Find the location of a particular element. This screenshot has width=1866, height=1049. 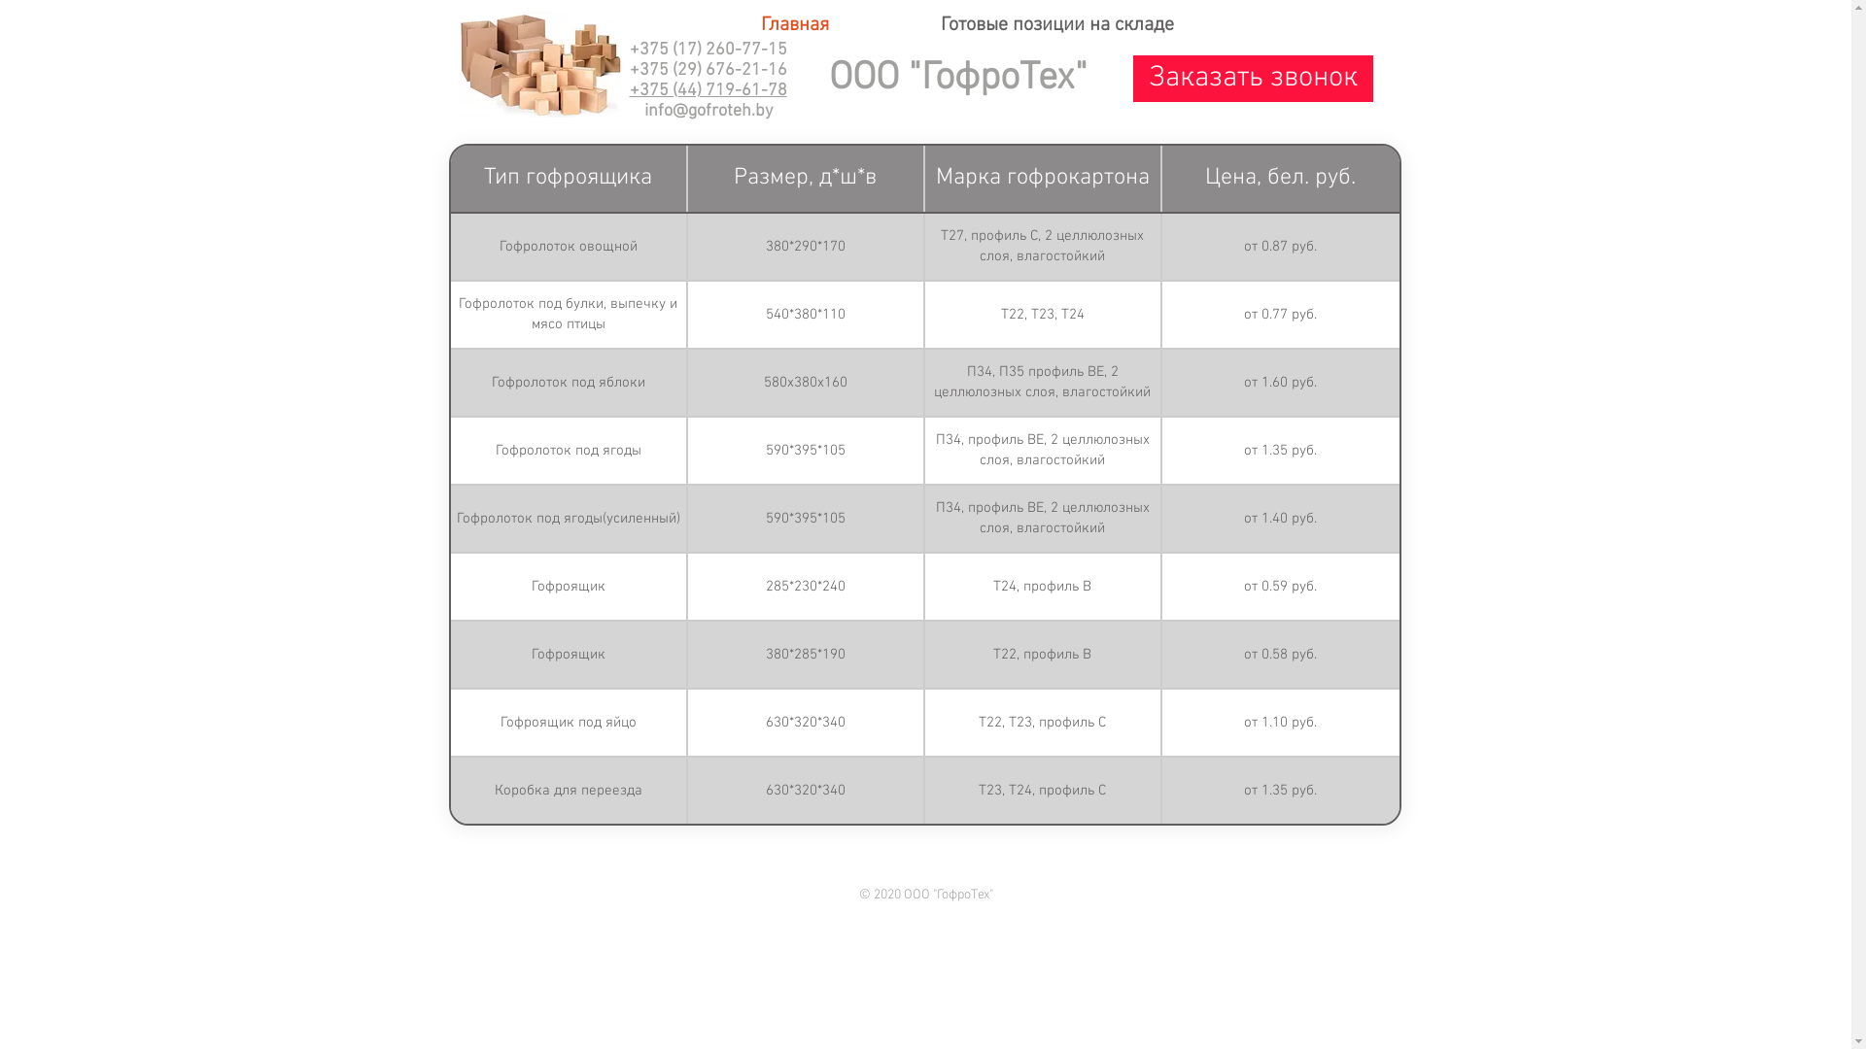

'+375 (17) 260-77-15' is located at coordinates (708, 49).